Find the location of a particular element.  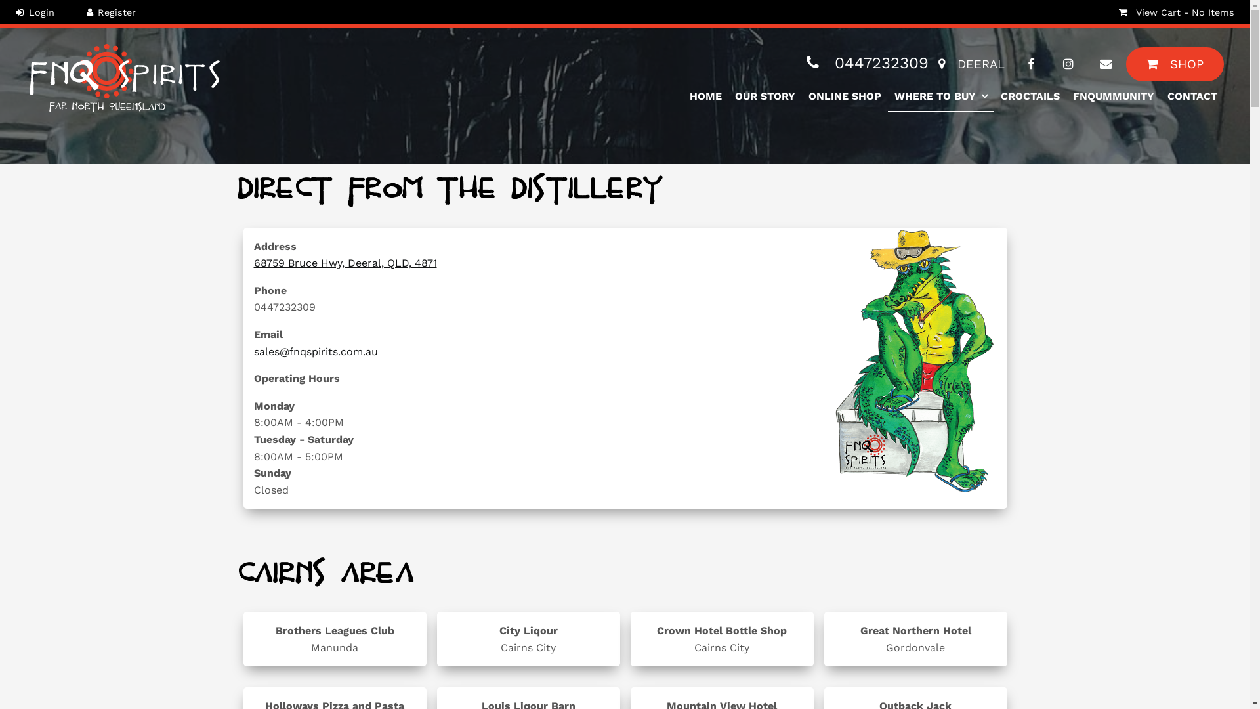

'CONTACT' is located at coordinates (1161, 96).